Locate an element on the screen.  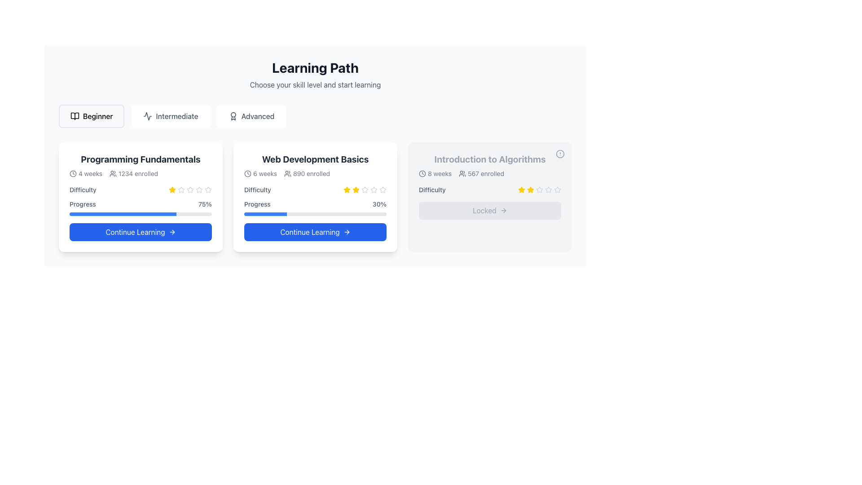
the second star icon is located at coordinates (199, 189).